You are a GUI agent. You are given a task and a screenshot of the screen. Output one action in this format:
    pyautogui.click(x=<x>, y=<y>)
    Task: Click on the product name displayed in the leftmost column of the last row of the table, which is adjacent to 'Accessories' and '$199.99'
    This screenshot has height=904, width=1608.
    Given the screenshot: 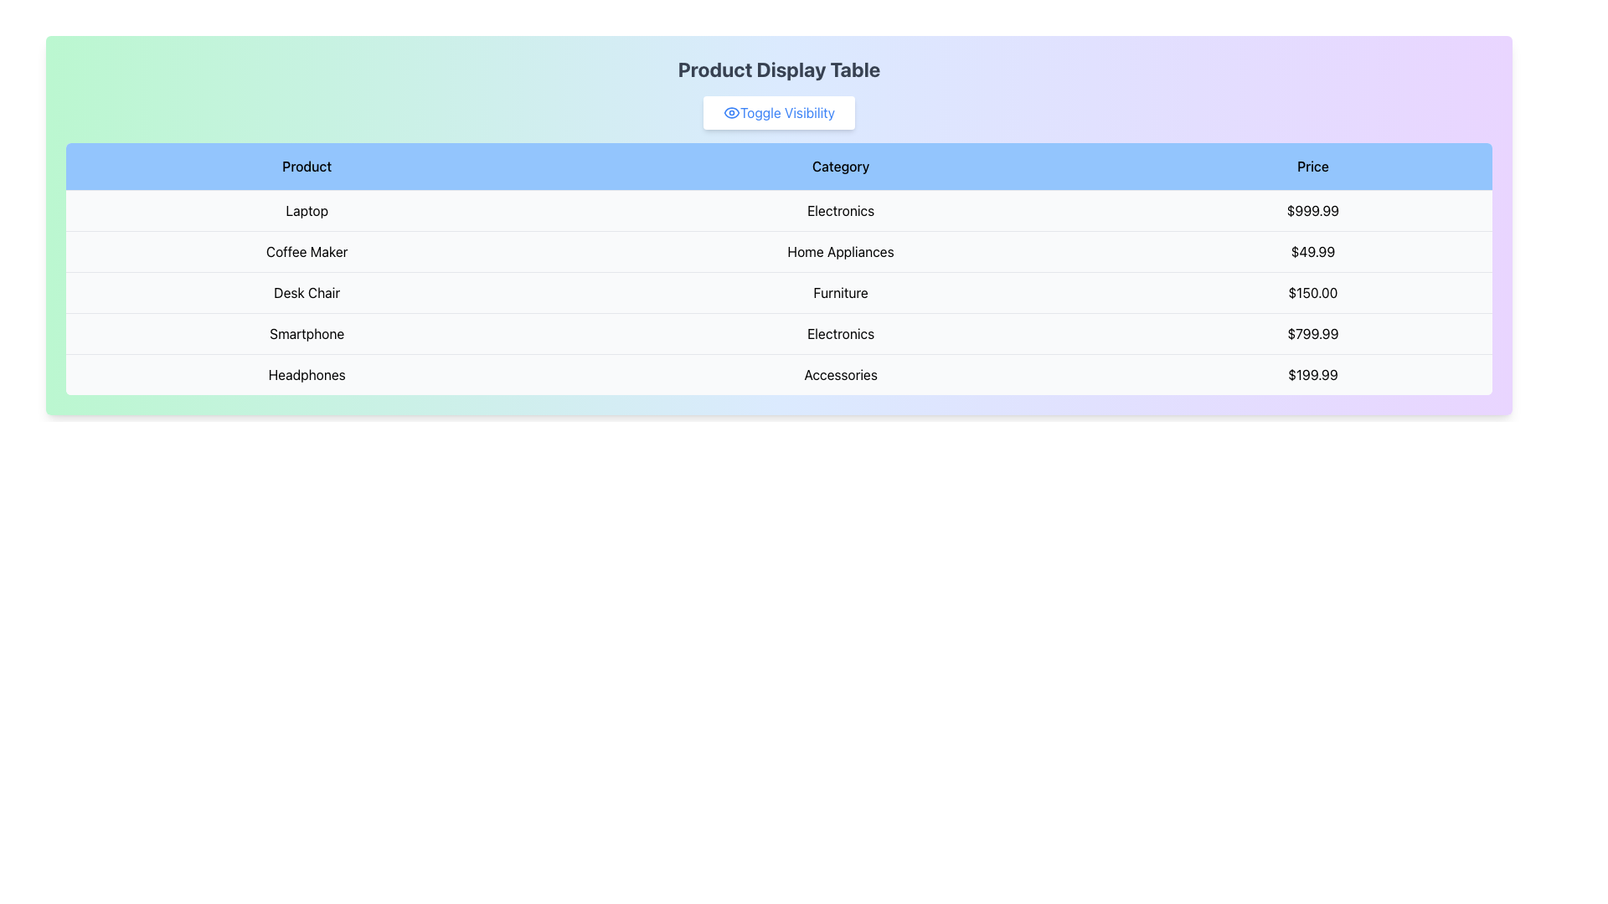 What is the action you would take?
    pyautogui.click(x=307, y=373)
    